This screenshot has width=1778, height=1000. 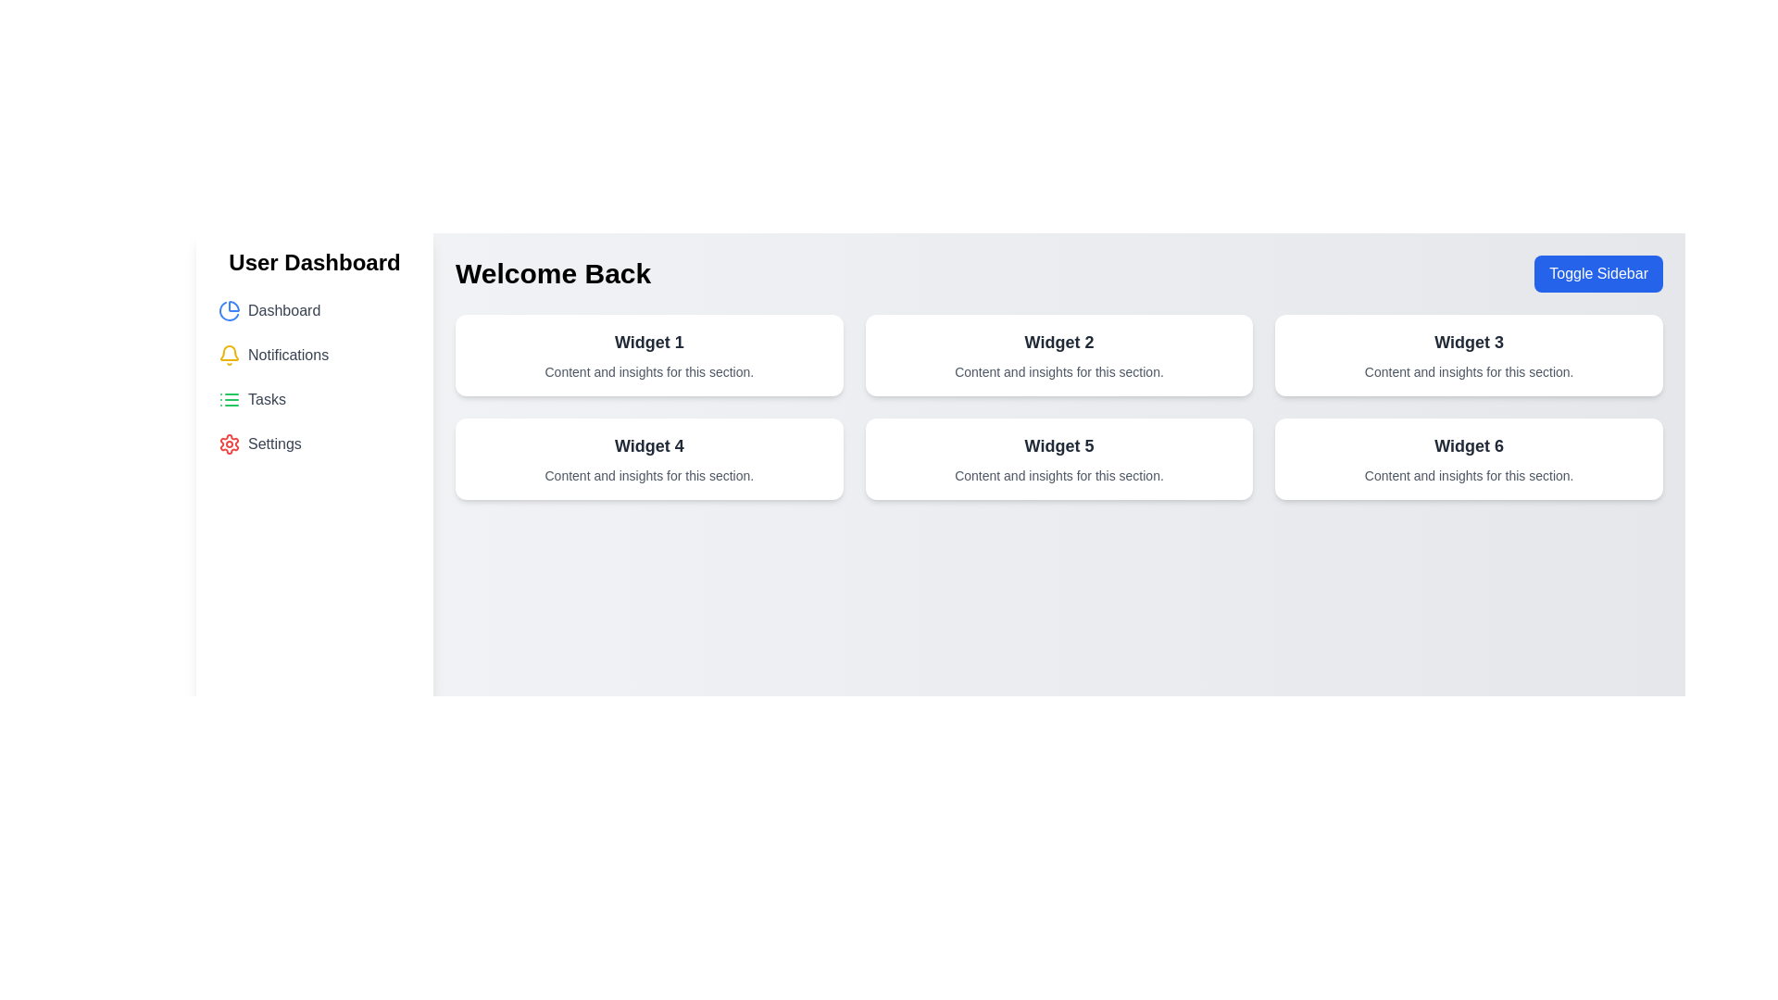 I want to click on the Navigation menu button located in the left sidebar, so click(x=315, y=309).